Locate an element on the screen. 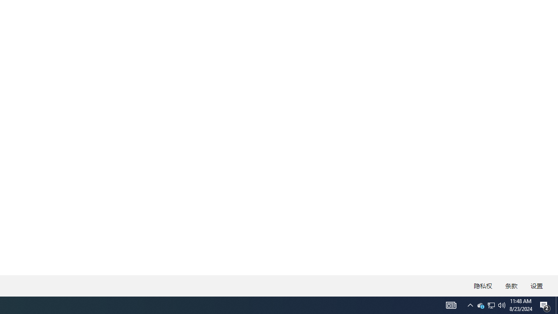 The image size is (558, 314). 'User Promoted Notification Area' is located at coordinates (491, 304).